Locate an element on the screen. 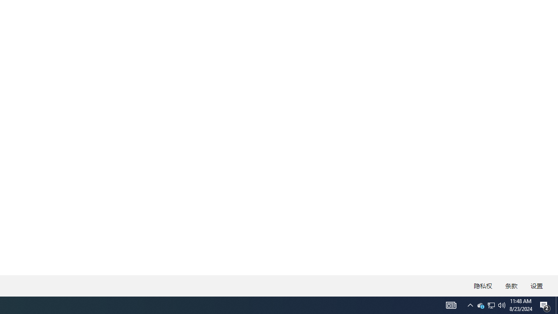 The image size is (558, 314). 'User Promoted Notification Area' is located at coordinates (491, 304).